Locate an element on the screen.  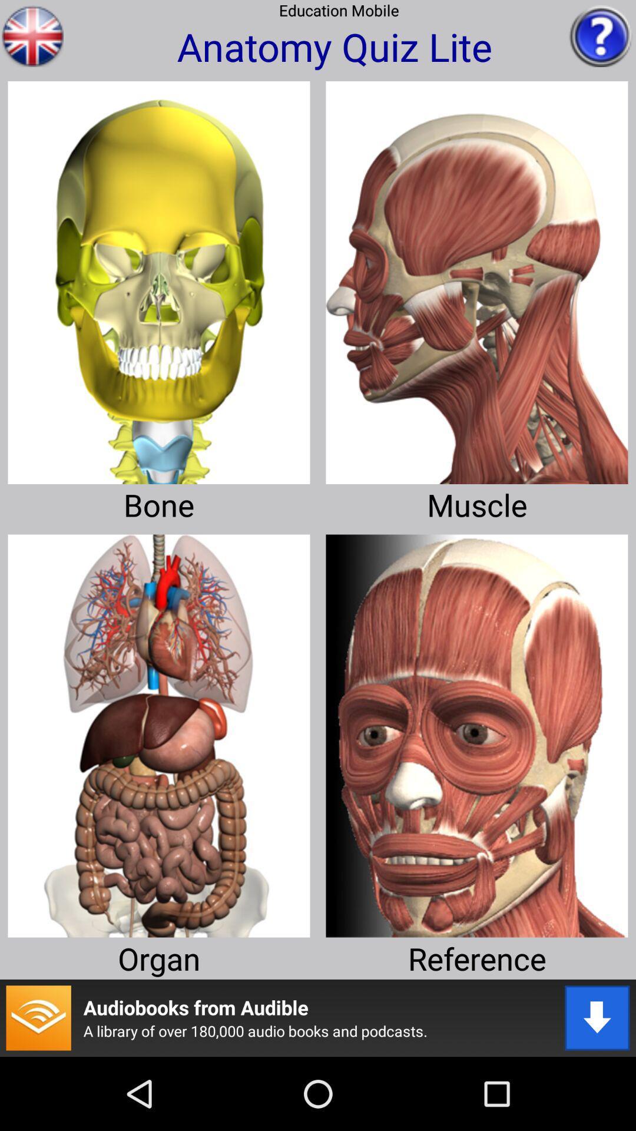
take me to organ quiz is located at coordinates (159, 731).